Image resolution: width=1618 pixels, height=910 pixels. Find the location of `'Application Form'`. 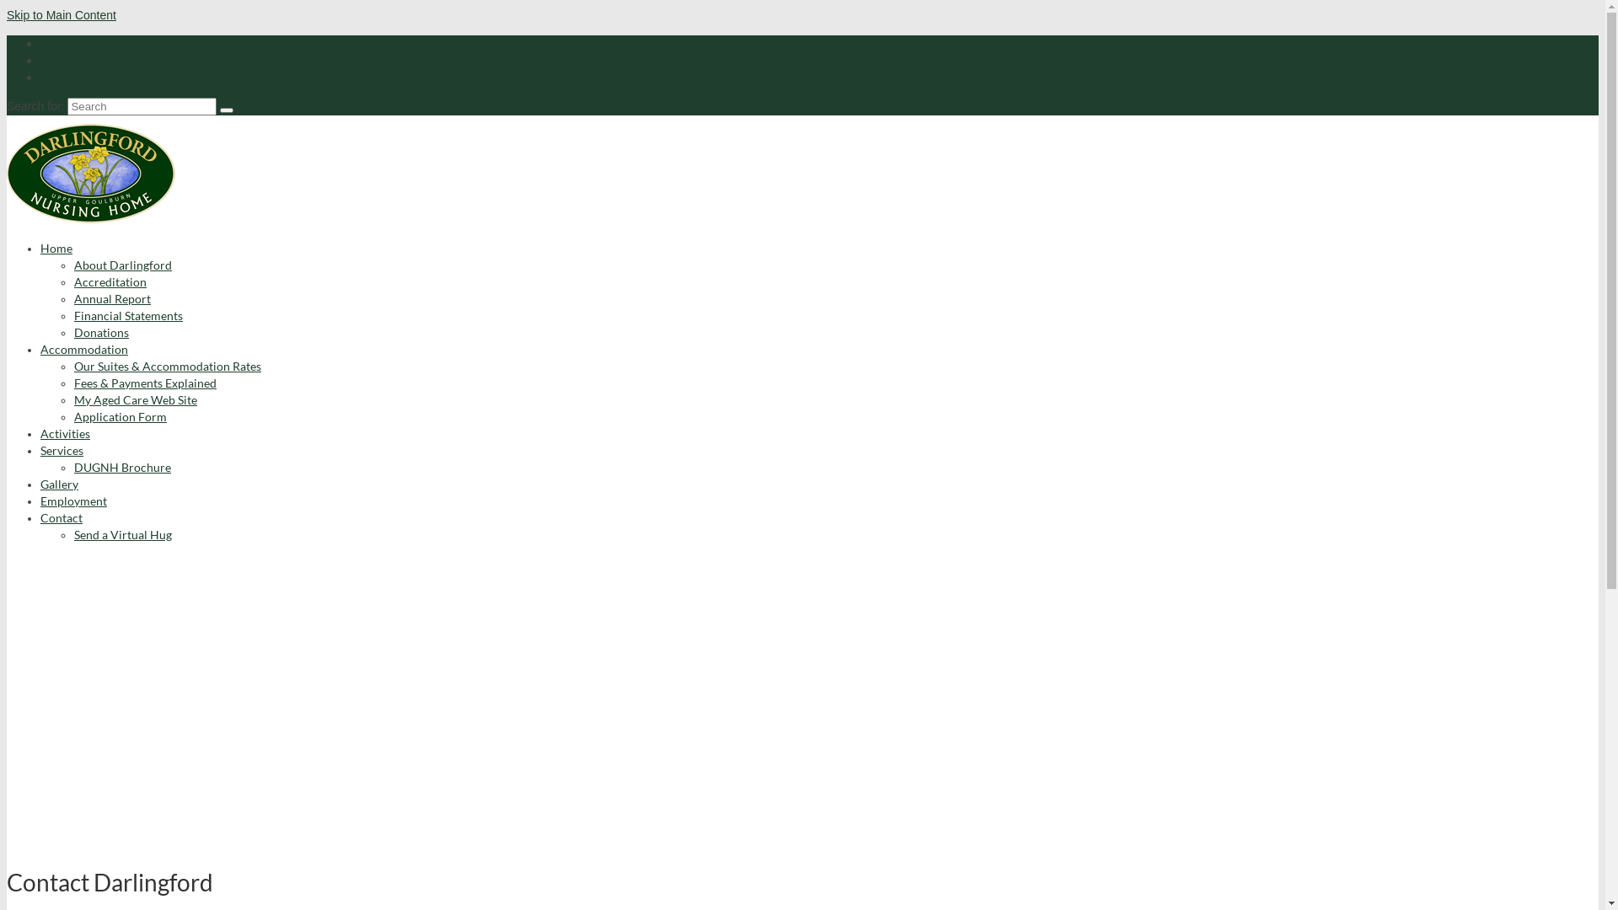

'Application Form' is located at coordinates (120, 416).